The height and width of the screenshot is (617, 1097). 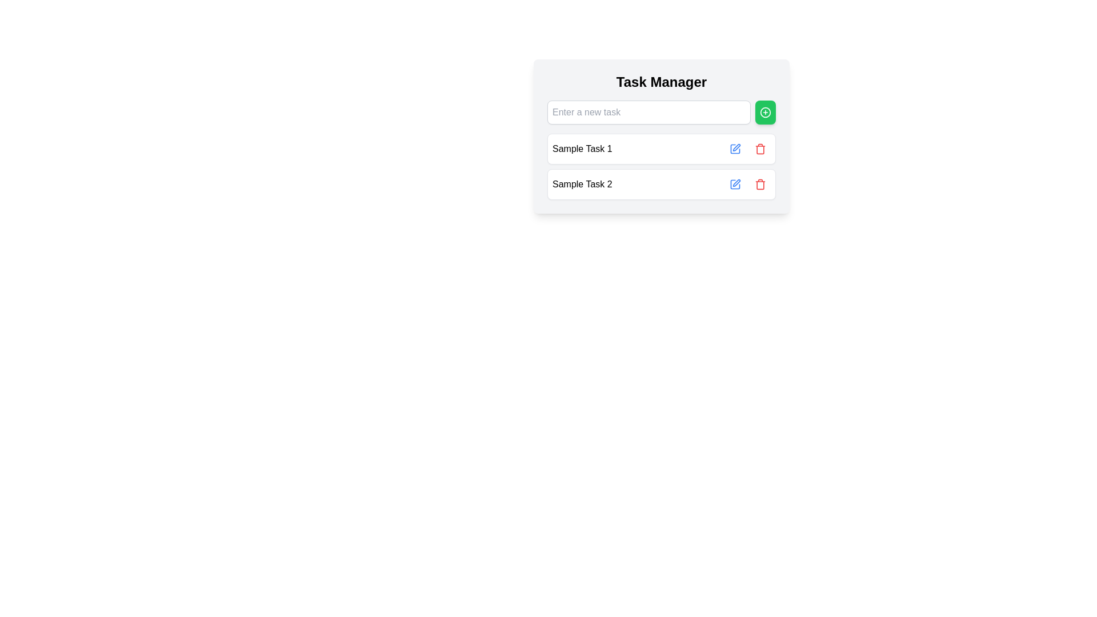 What do you see at coordinates (582, 184) in the screenshot?
I see `the text label displaying 'Sample Task 2', which is centrally aligned within the second task entry card in the Task Manager interface` at bounding box center [582, 184].